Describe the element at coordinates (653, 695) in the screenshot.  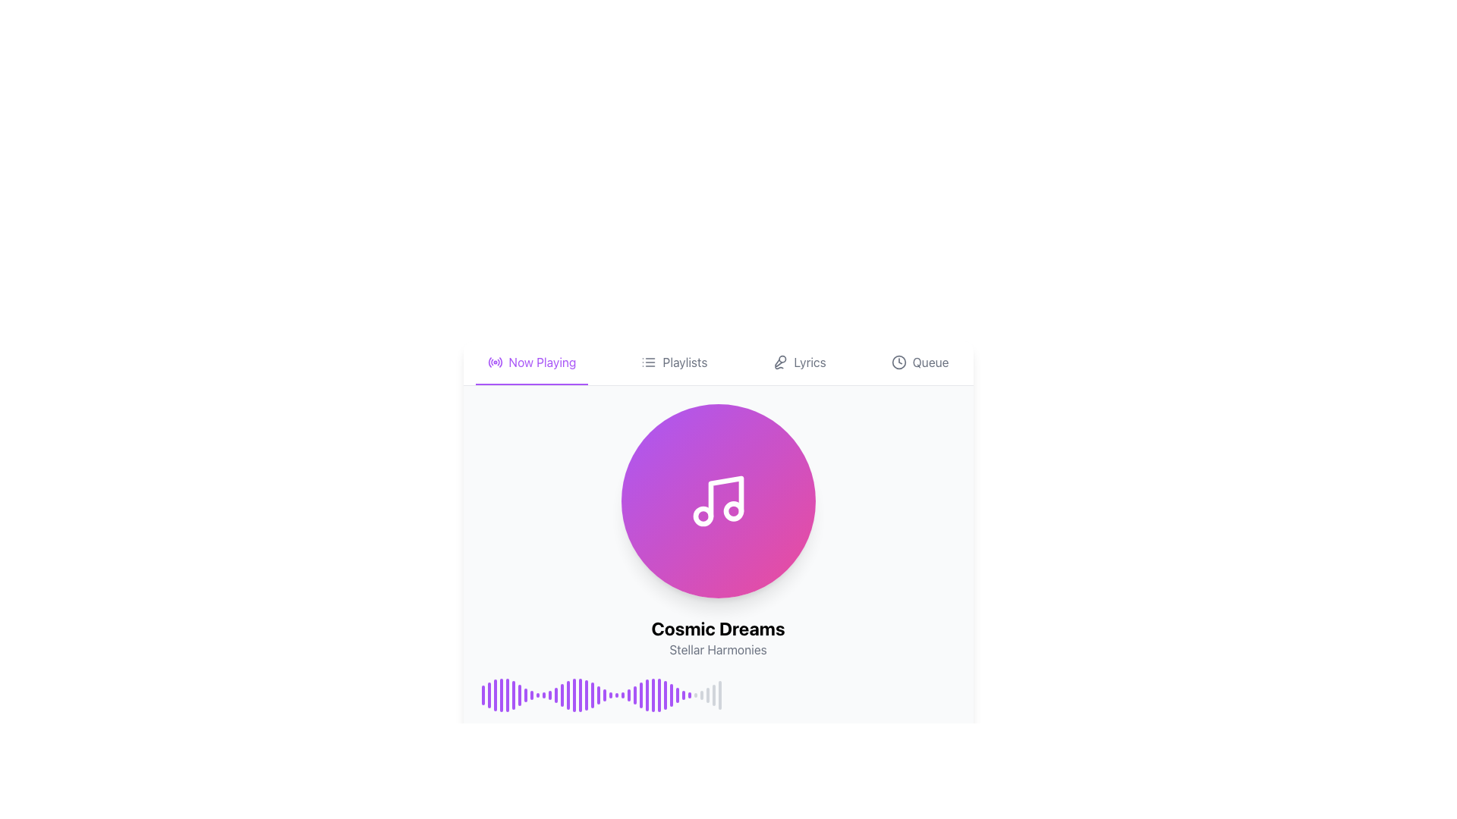
I see `the 28th waveform bar element, which is part of the audio visualization display` at that location.